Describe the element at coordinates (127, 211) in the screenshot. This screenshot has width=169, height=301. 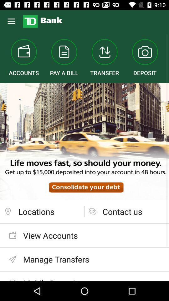
I see `the contact us item` at that location.